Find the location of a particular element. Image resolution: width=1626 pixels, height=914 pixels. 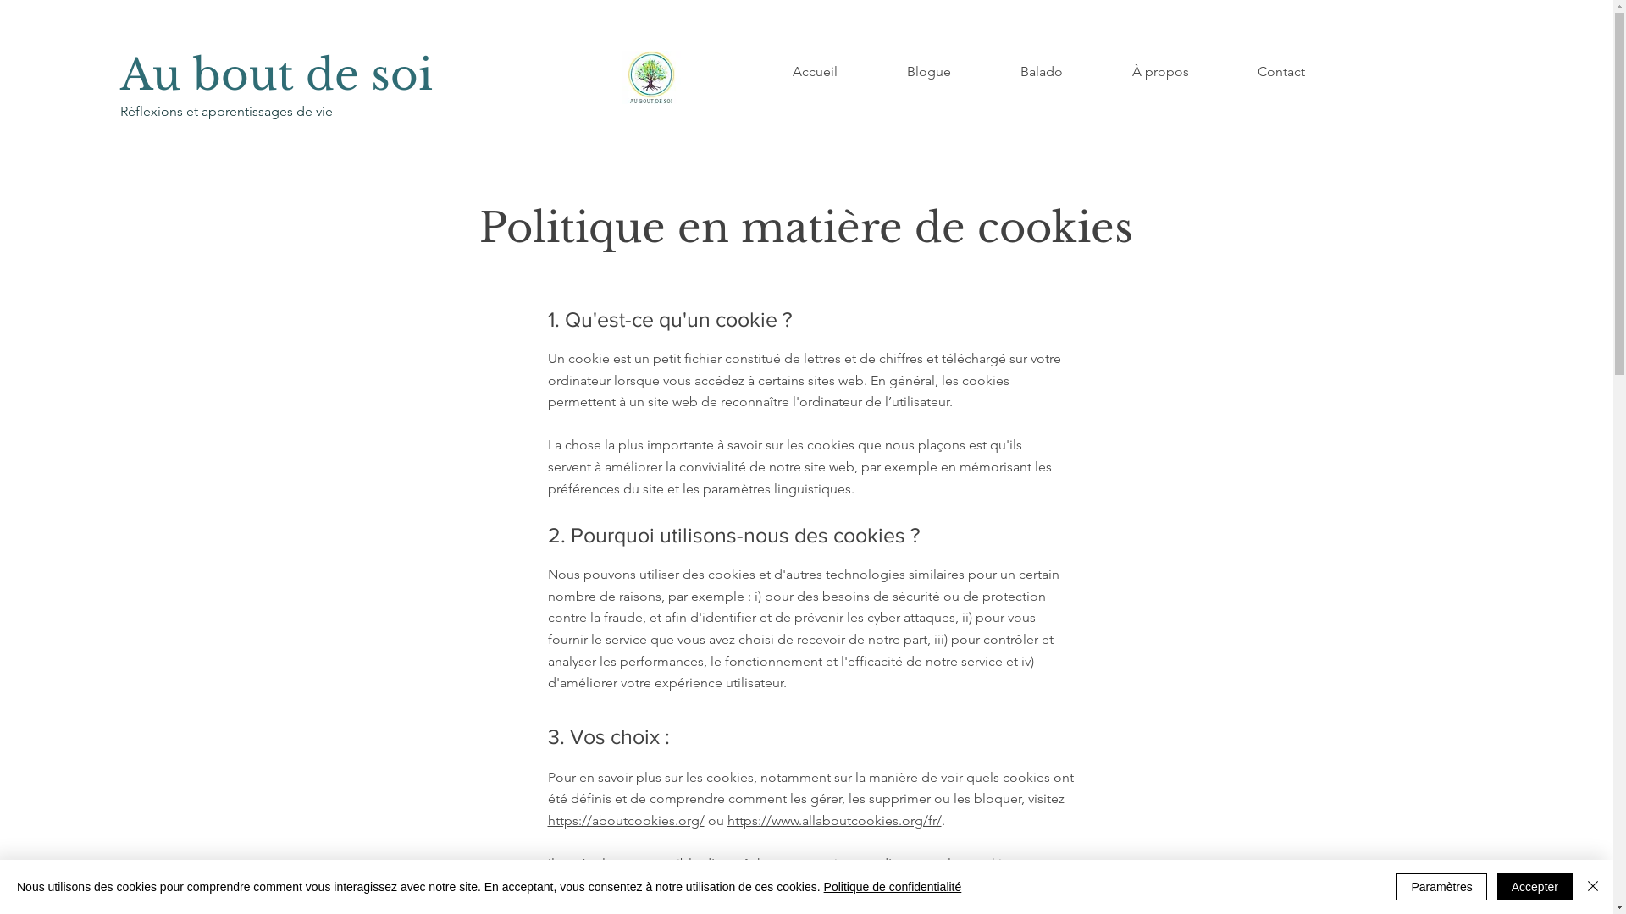

'Accepter' is located at coordinates (1535, 886).